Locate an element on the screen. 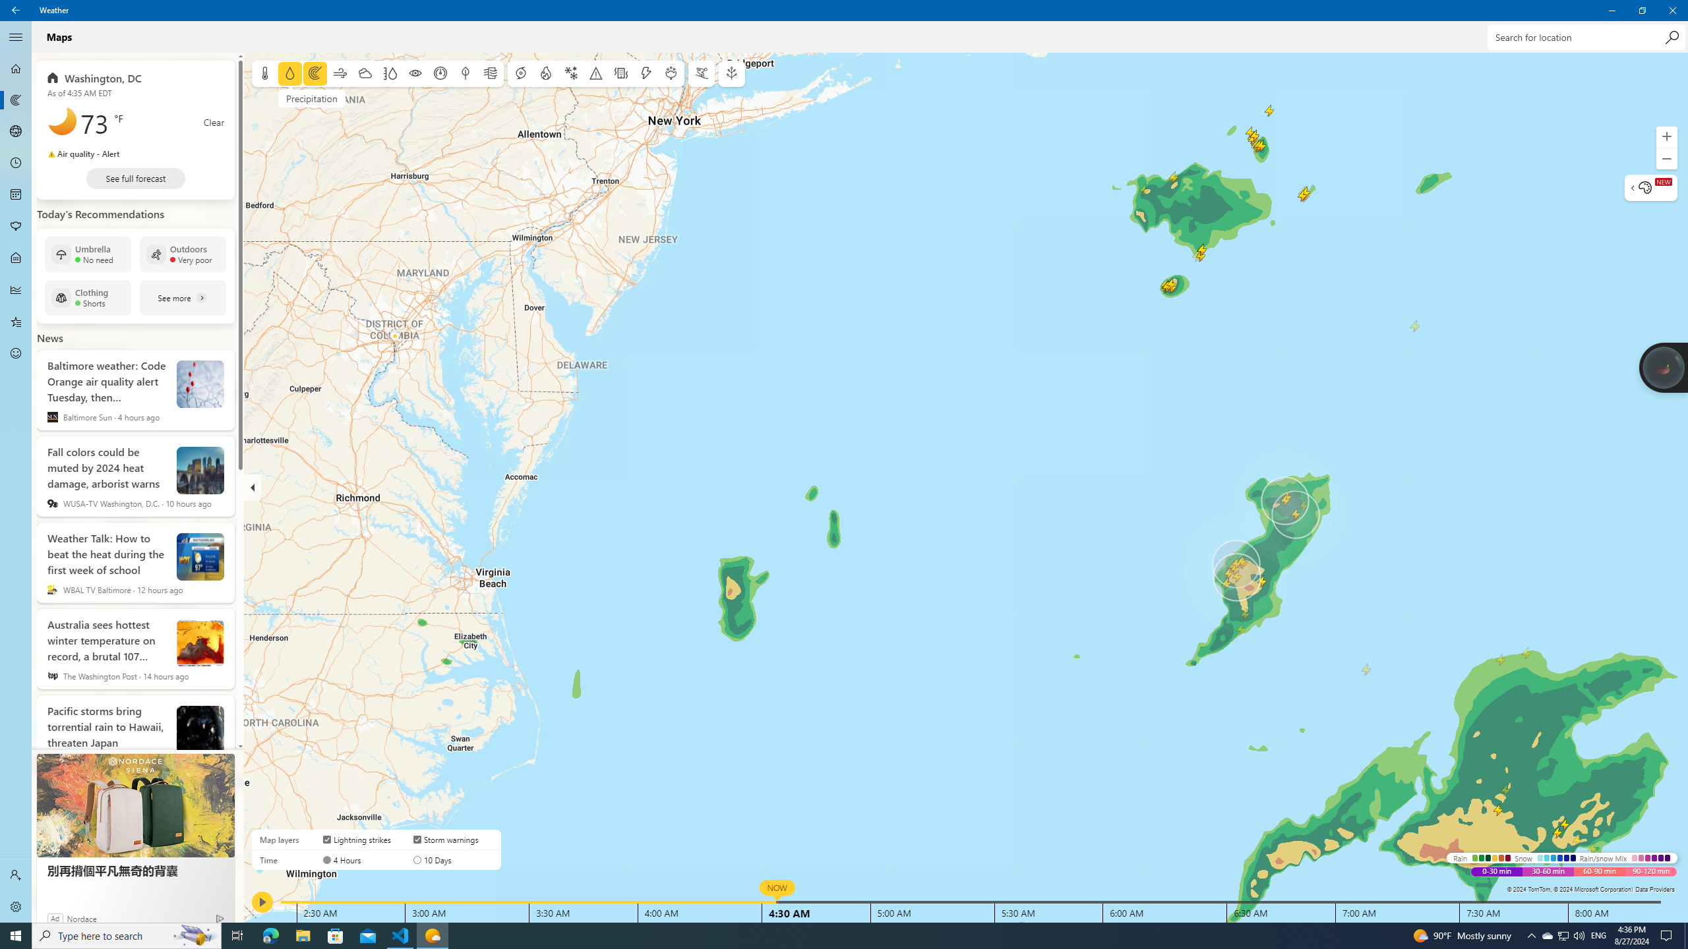 The image size is (1688, 949). 'Show desktop' is located at coordinates (1685, 935).